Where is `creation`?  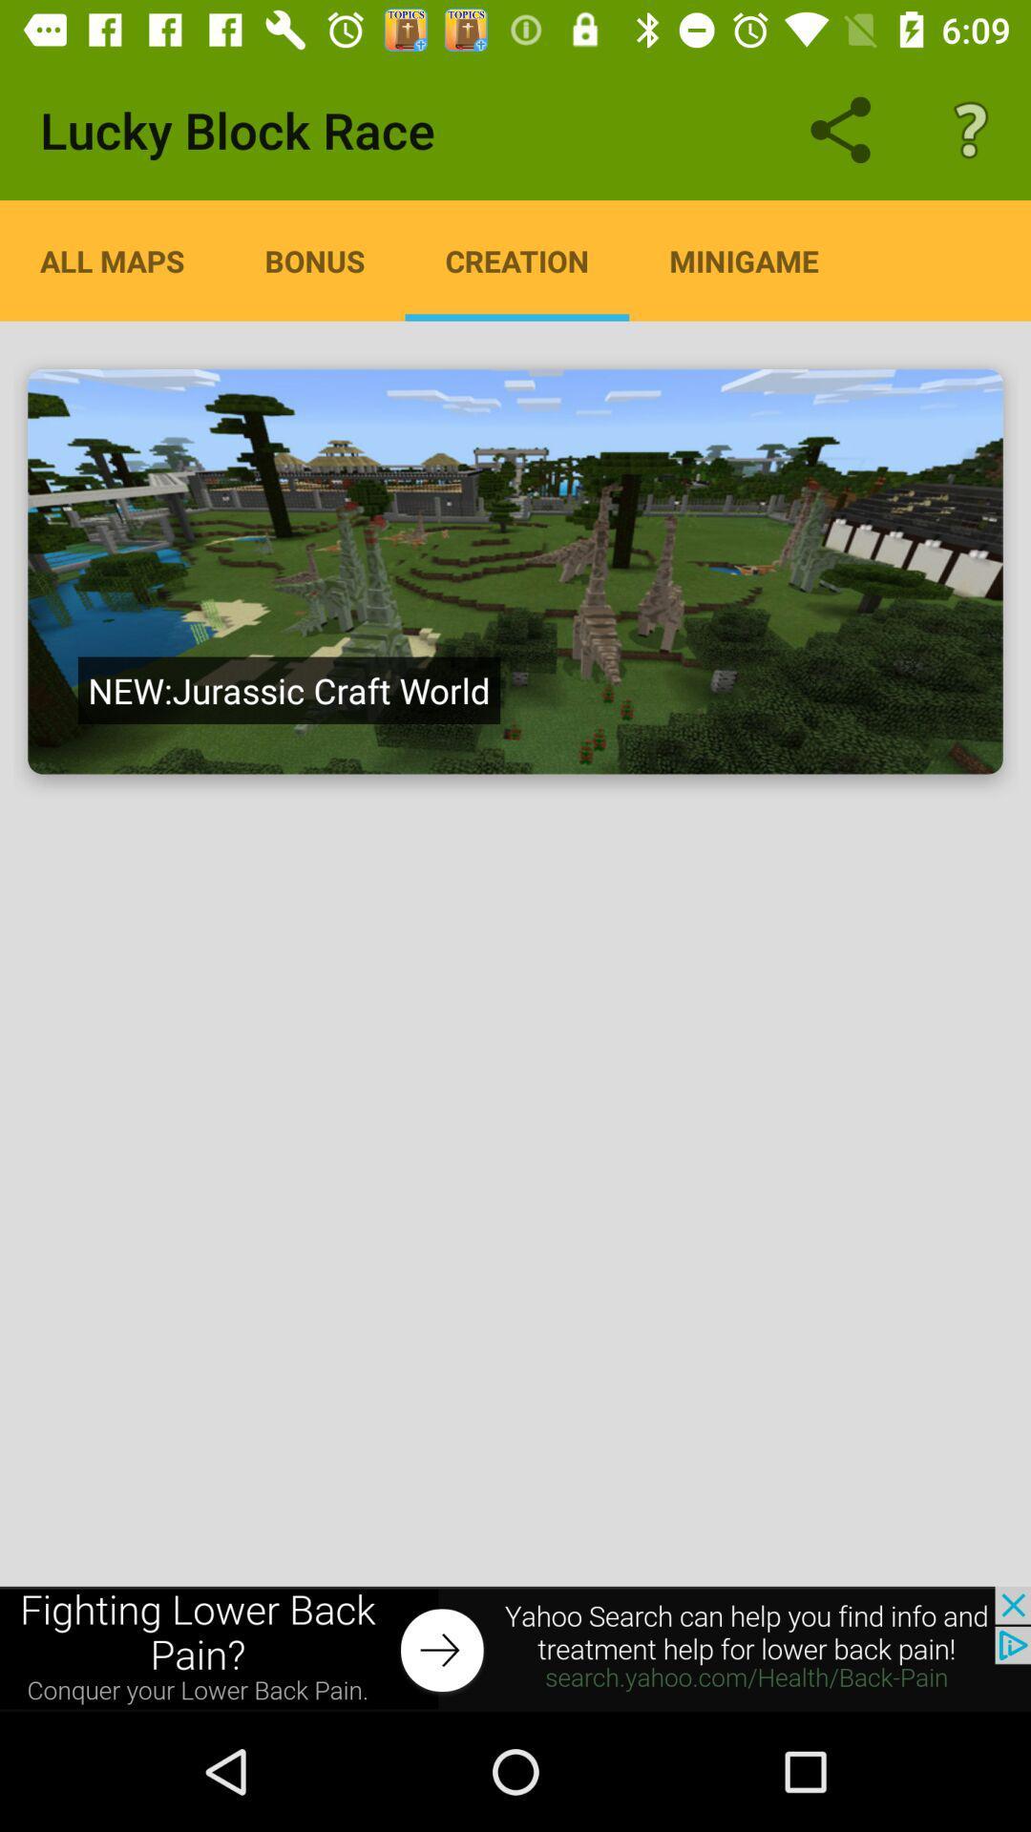 creation is located at coordinates (517, 260).